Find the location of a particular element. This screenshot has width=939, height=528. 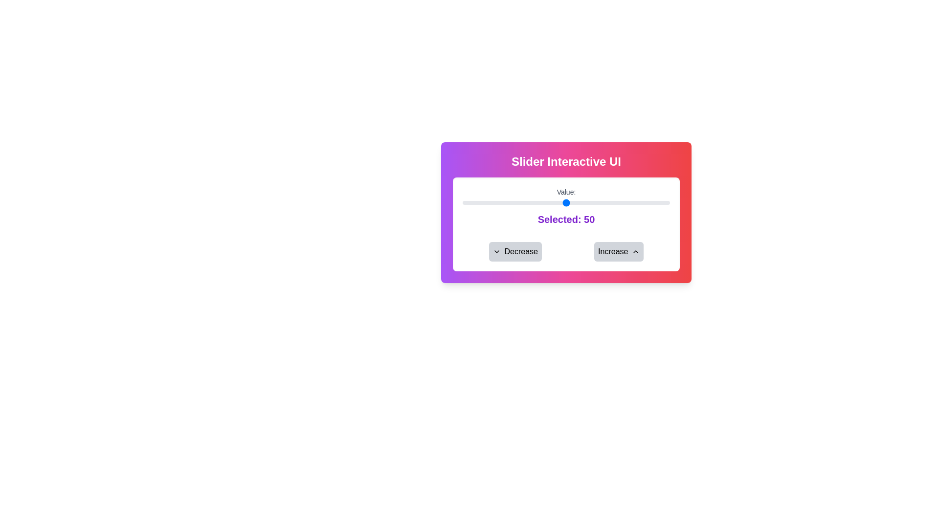

the slider is located at coordinates (585, 202).